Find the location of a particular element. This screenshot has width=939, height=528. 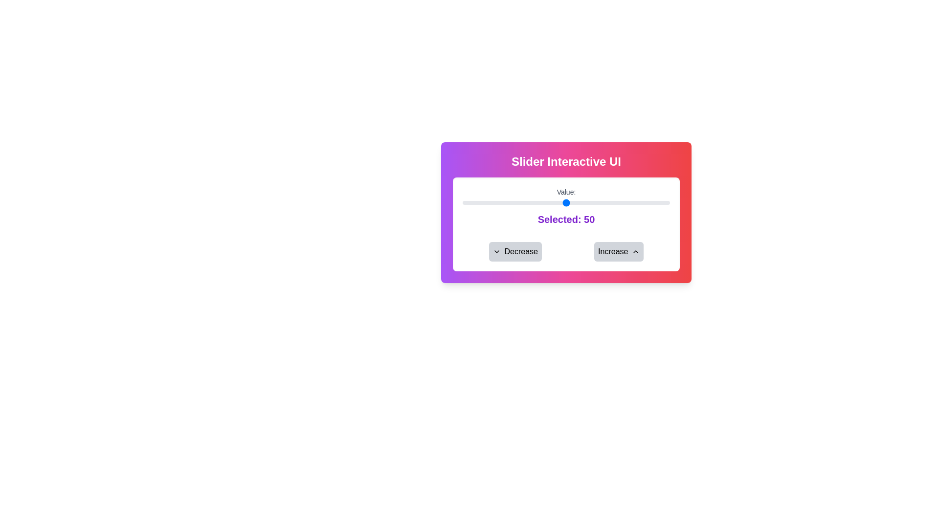

the slider is located at coordinates (585, 202).